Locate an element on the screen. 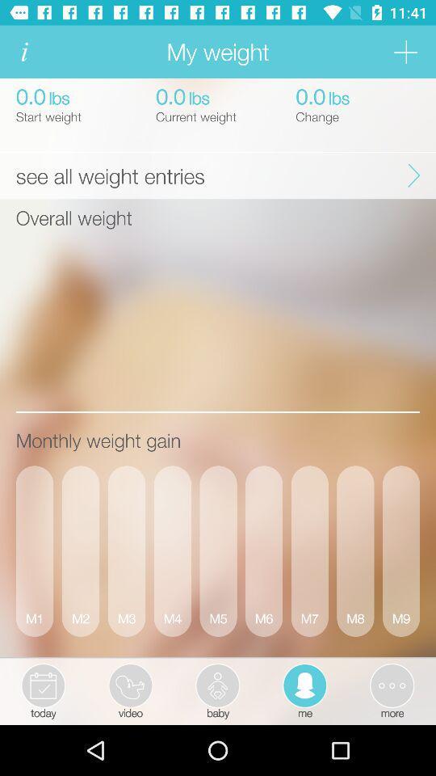 This screenshot has width=436, height=776. go additional tab is located at coordinates (405, 52).